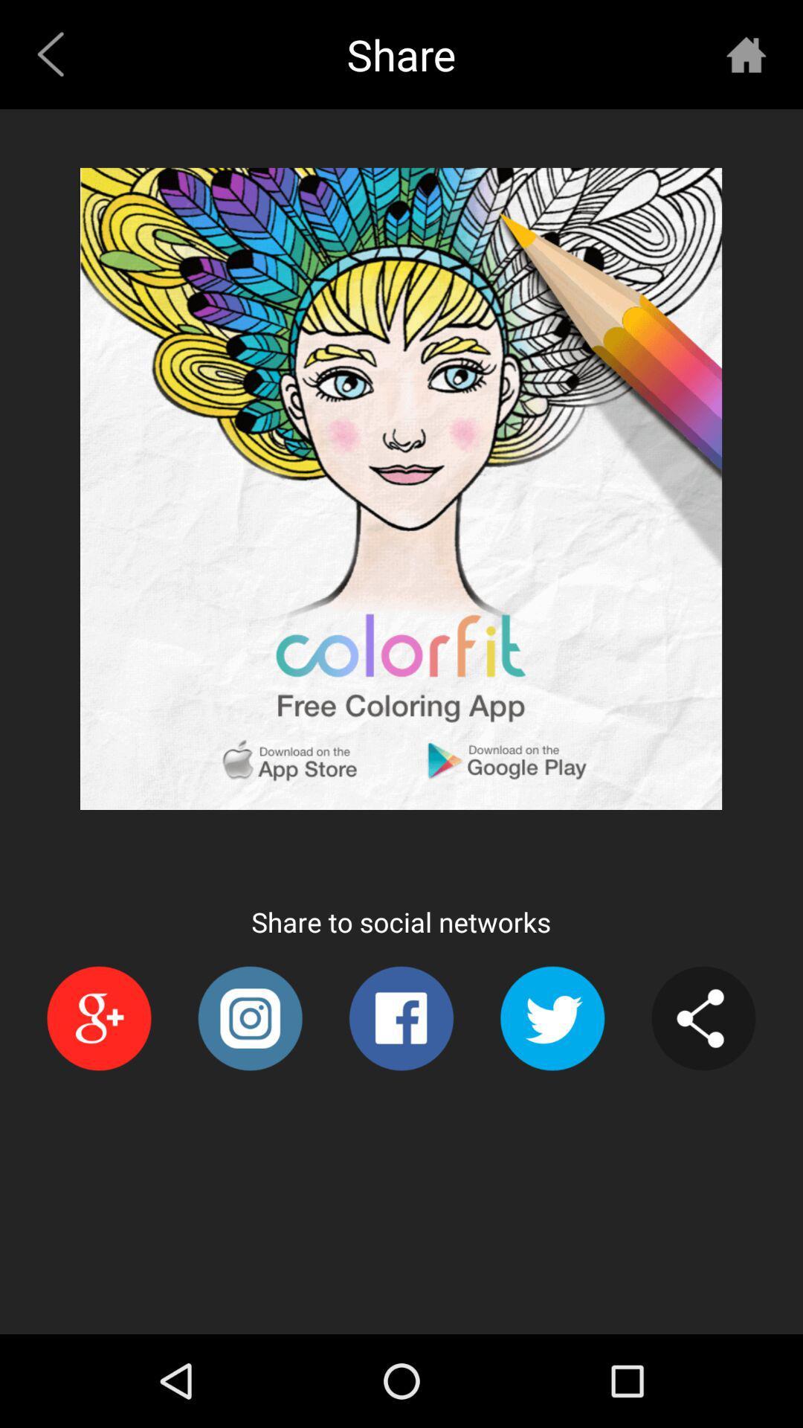 The height and width of the screenshot is (1428, 803). What do you see at coordinates (56, 58) in the screenshot?
I see `the arrow_backward icon` at bounding box center [56, 58].